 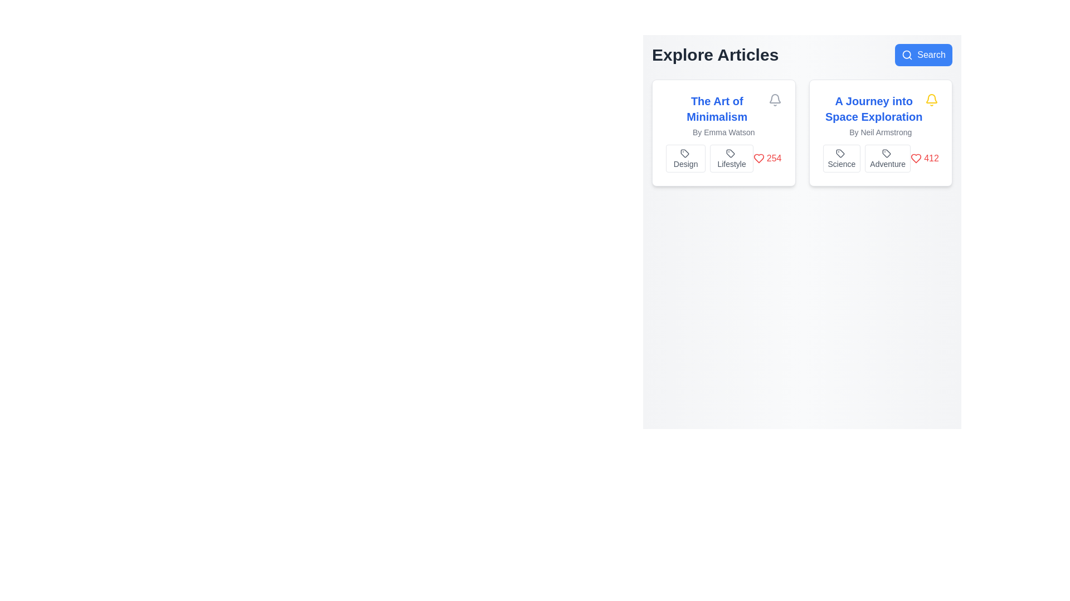 I want to click on the text block titled 'The Art of Minimalism' with the subtitle 'By Emma Watson' positioned at the top center of the leftmost card, so click(x=723, y=116).